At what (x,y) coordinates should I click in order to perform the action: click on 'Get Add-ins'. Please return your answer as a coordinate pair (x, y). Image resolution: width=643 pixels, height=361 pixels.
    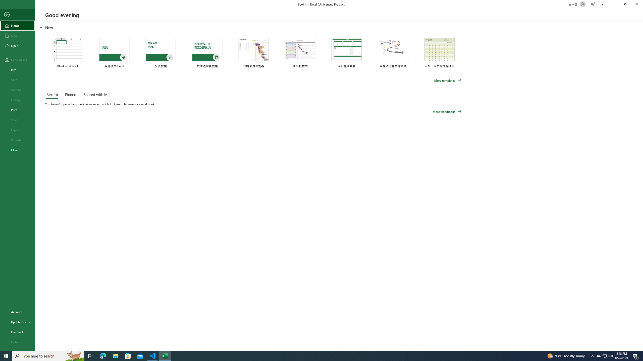
    Looking at the image, I should click on (17, 59).